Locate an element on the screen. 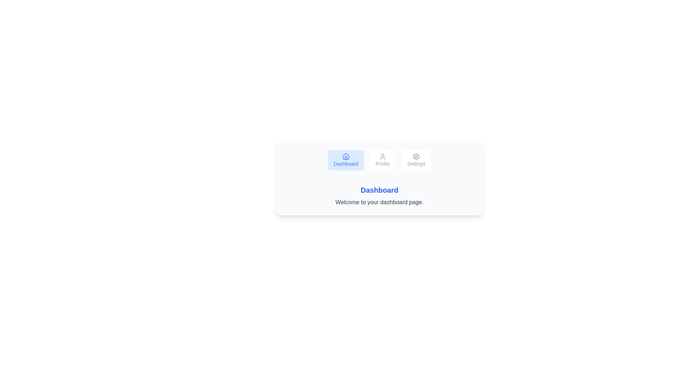 The width and height of the screenshot is (692, 389). the icon of the Dashboard tab to inspect it visually is located at coordinates (345, 156).